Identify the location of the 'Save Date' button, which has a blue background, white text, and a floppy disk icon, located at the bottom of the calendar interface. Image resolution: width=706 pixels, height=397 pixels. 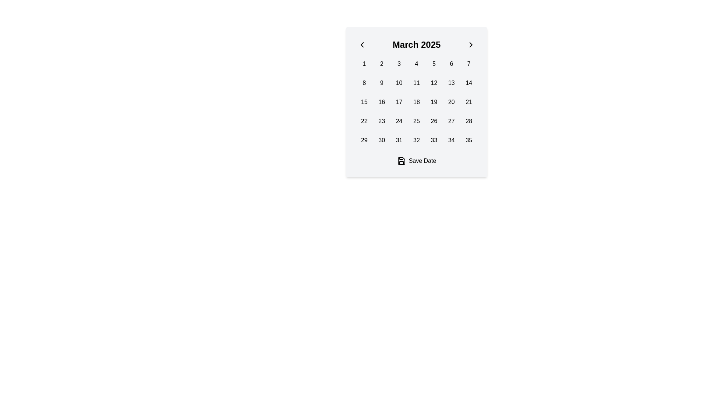
(416, 161).